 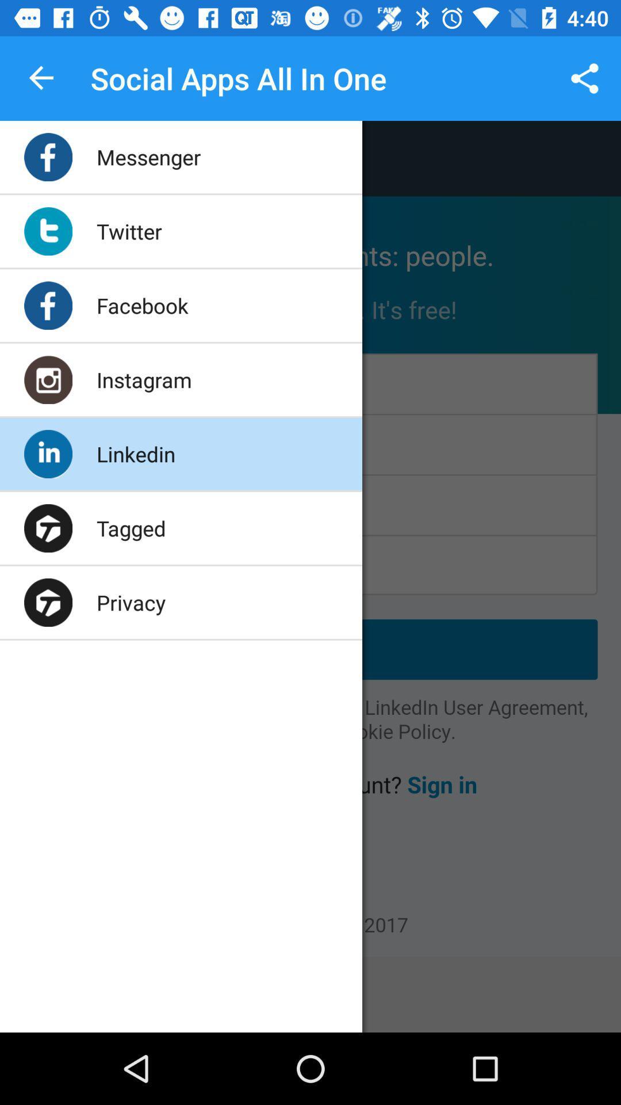 I want to click on the tagged app, so click(x=131, y=527).